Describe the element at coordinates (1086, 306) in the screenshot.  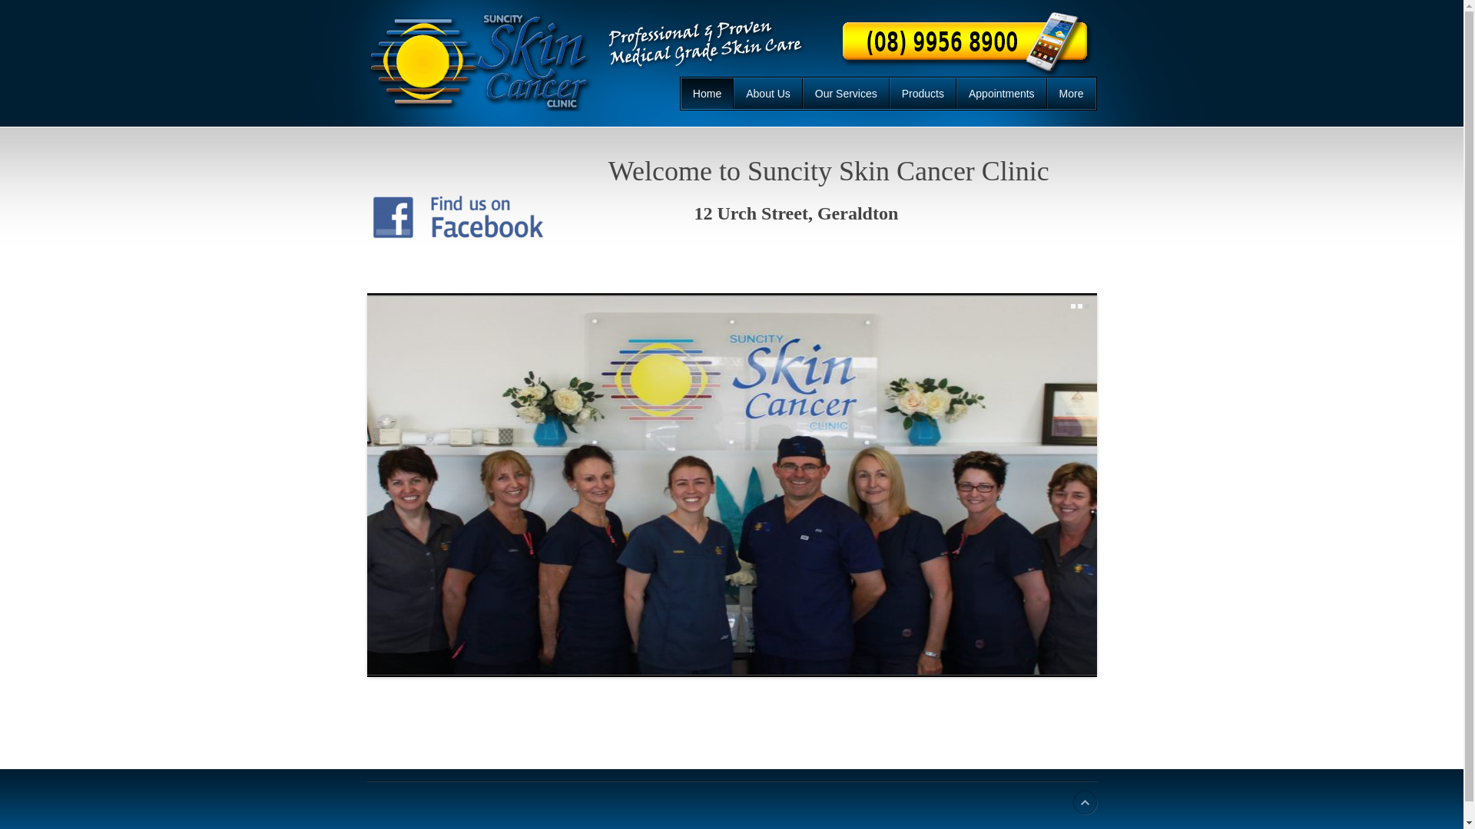
I see `'3'` at that location.